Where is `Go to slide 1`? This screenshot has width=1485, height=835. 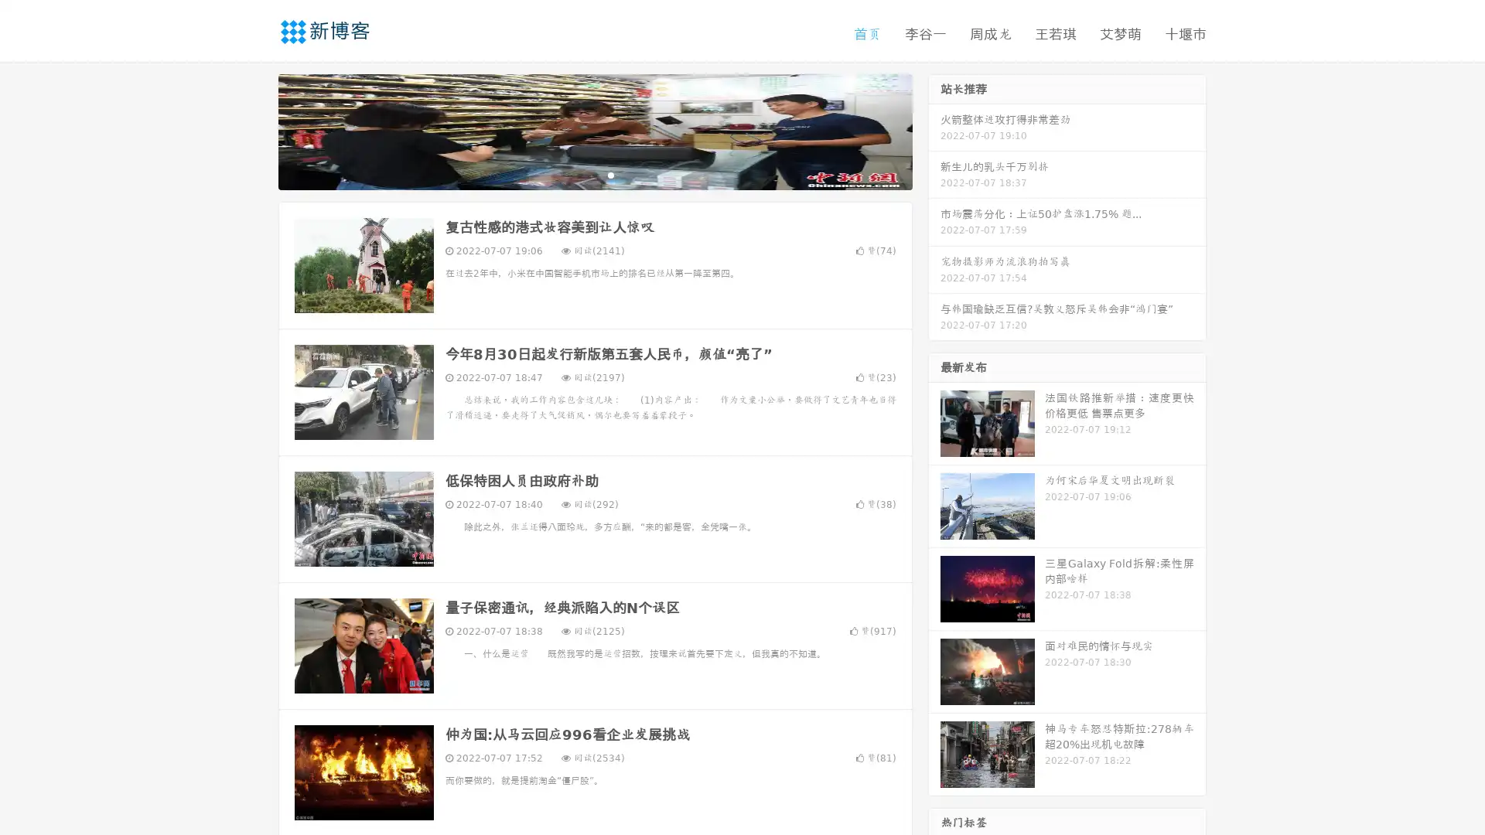
Go to slide 1 is located at coordinates (579, 174).